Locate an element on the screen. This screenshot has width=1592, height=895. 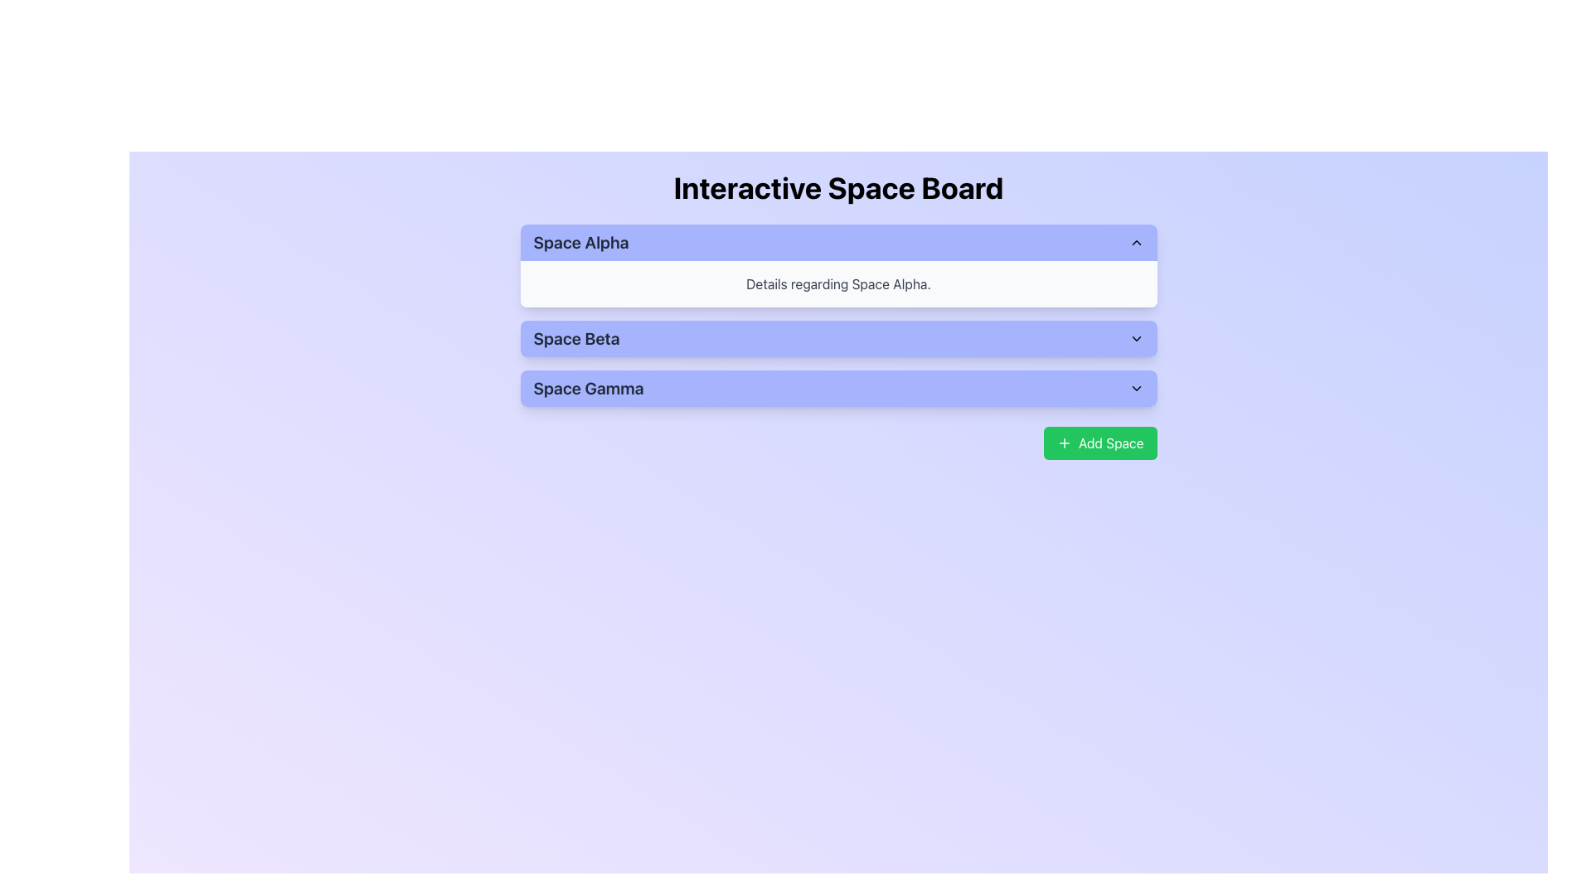
the text label for 'Space Alpha', which visually distinguishes this section from others like 'Space Beta' or 'Space Gamma' is located at coordinates (580, 243).